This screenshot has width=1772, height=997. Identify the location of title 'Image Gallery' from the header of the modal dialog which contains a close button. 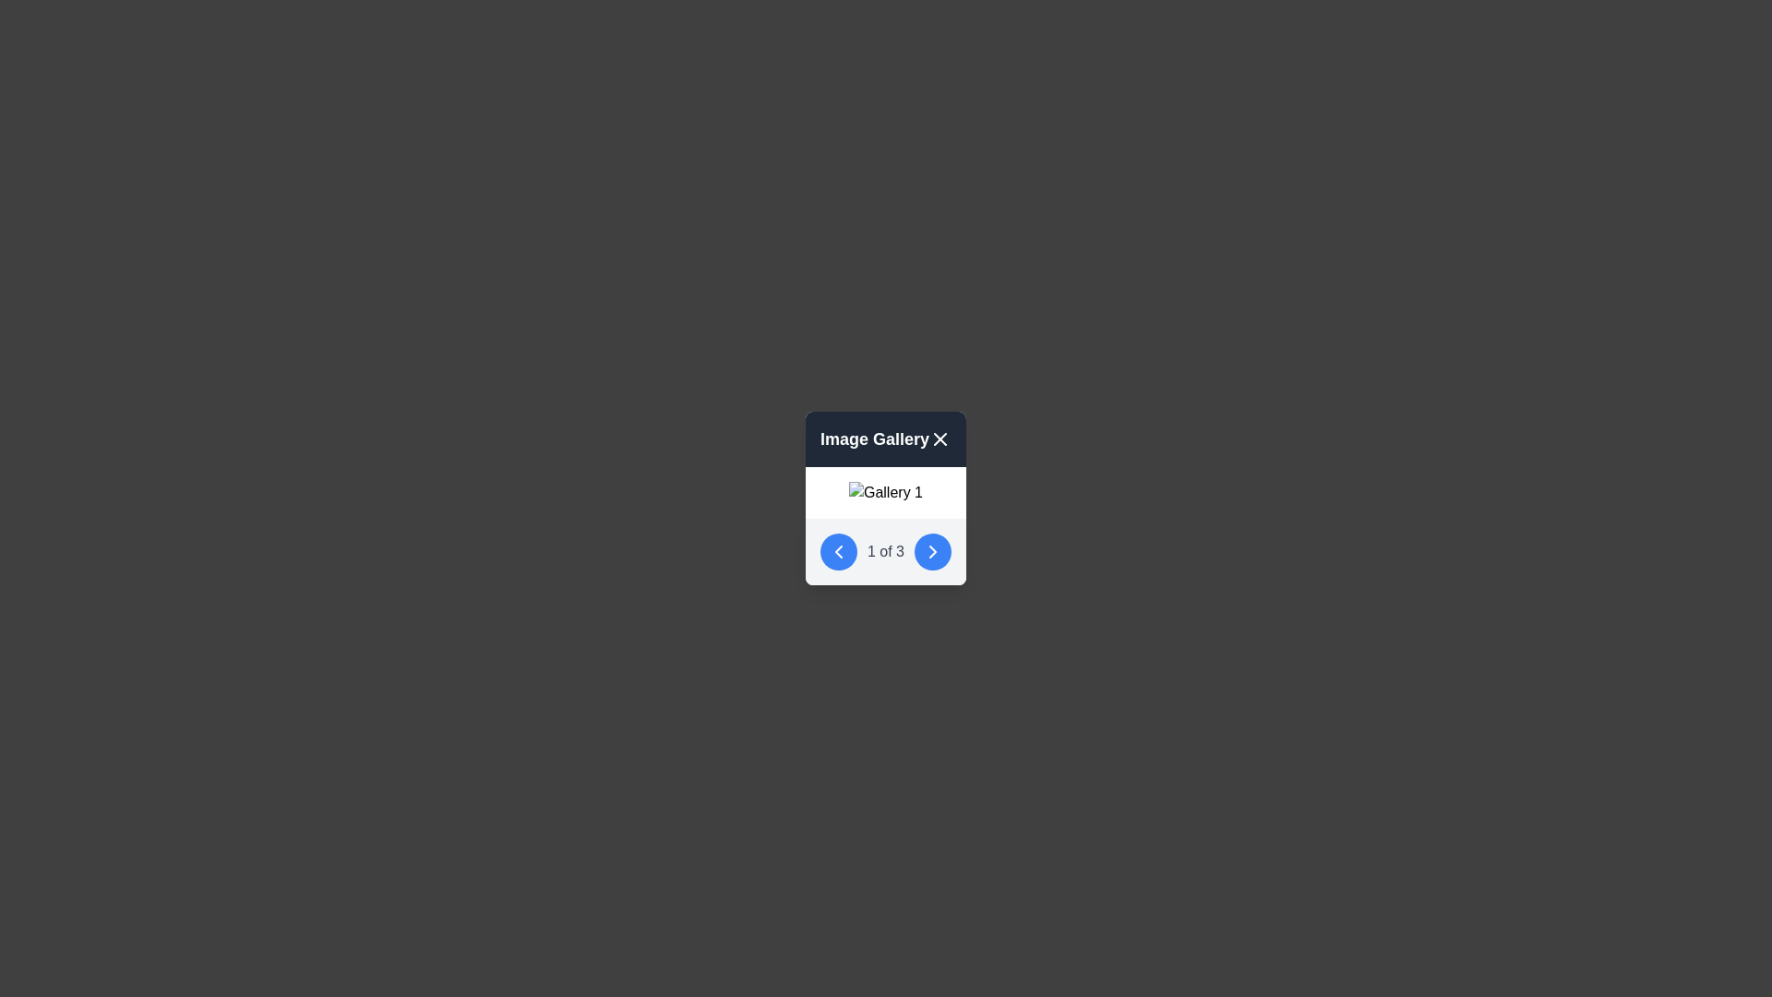
(886, 438).